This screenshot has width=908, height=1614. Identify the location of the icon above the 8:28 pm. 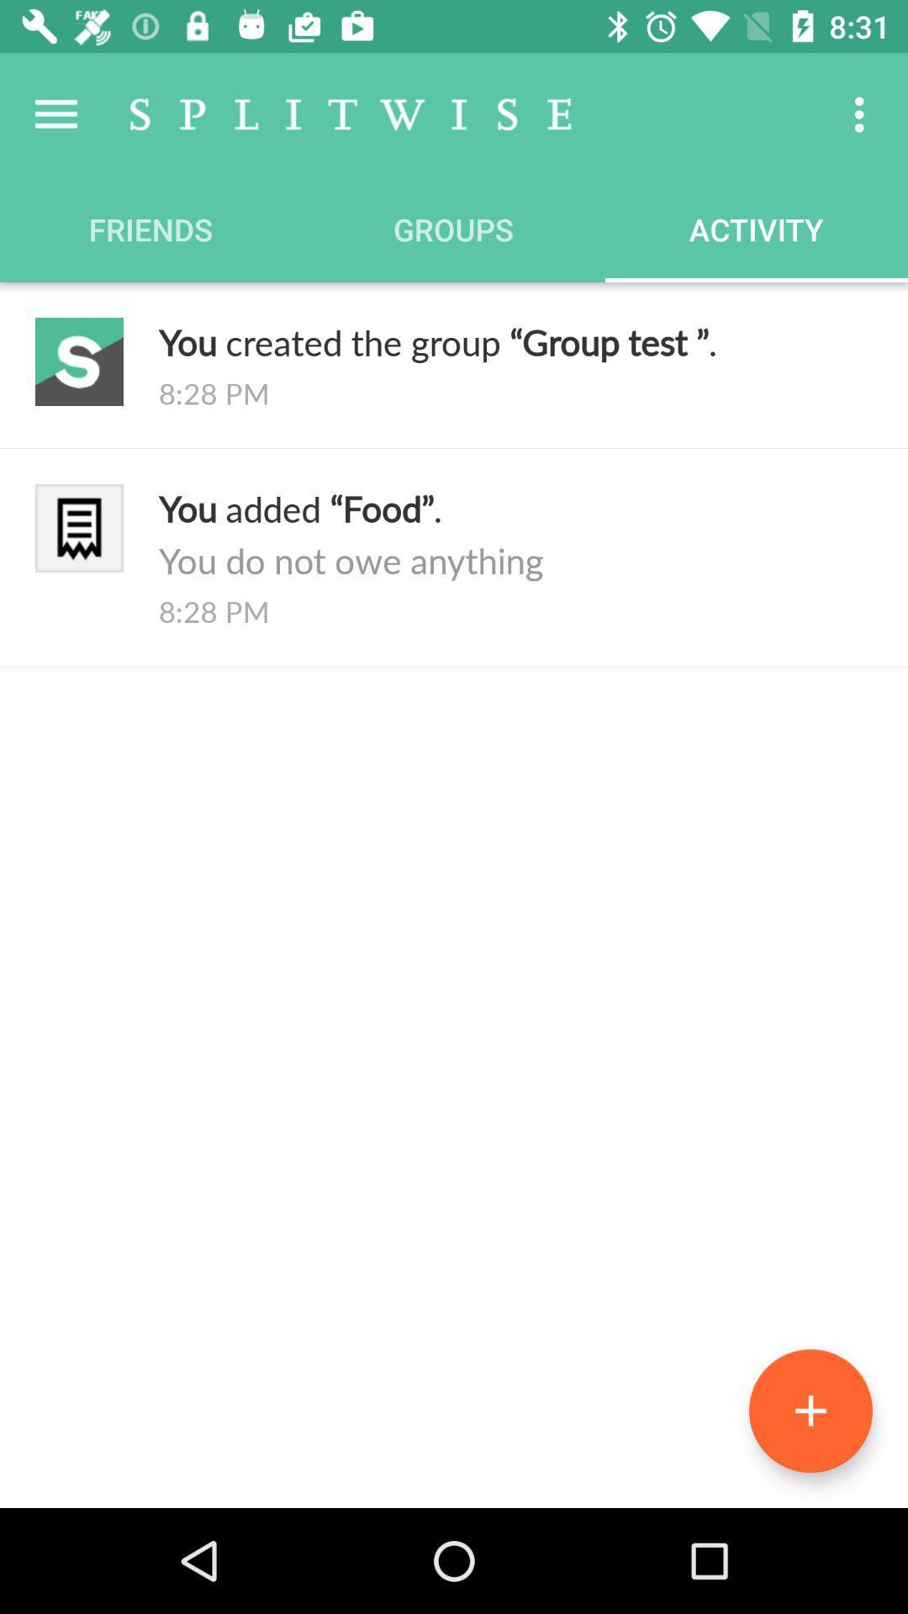
(515, 340).